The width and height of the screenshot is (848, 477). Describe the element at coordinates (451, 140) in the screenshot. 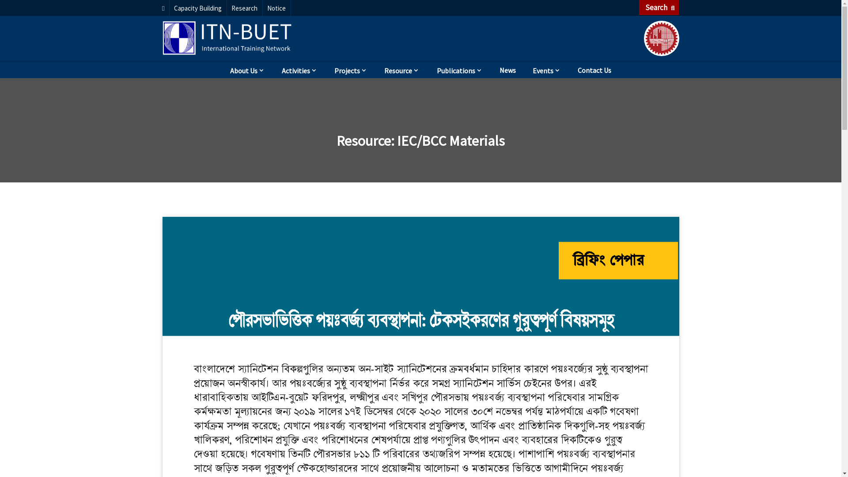

I see `'IEC/BCC Materials'` at that location.